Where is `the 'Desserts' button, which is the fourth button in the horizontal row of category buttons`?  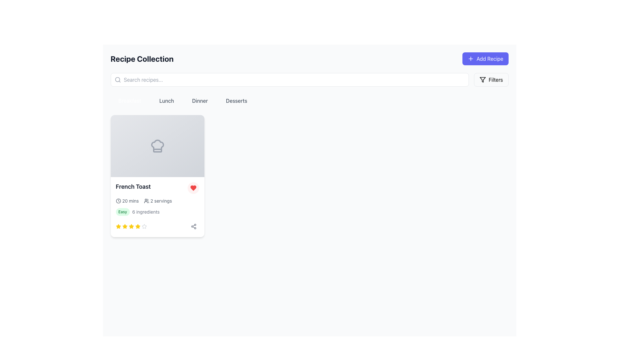
the 'Desserts' button, which is the fourth button in the horizontal row of category buttons is located at coordinates (236, 101).